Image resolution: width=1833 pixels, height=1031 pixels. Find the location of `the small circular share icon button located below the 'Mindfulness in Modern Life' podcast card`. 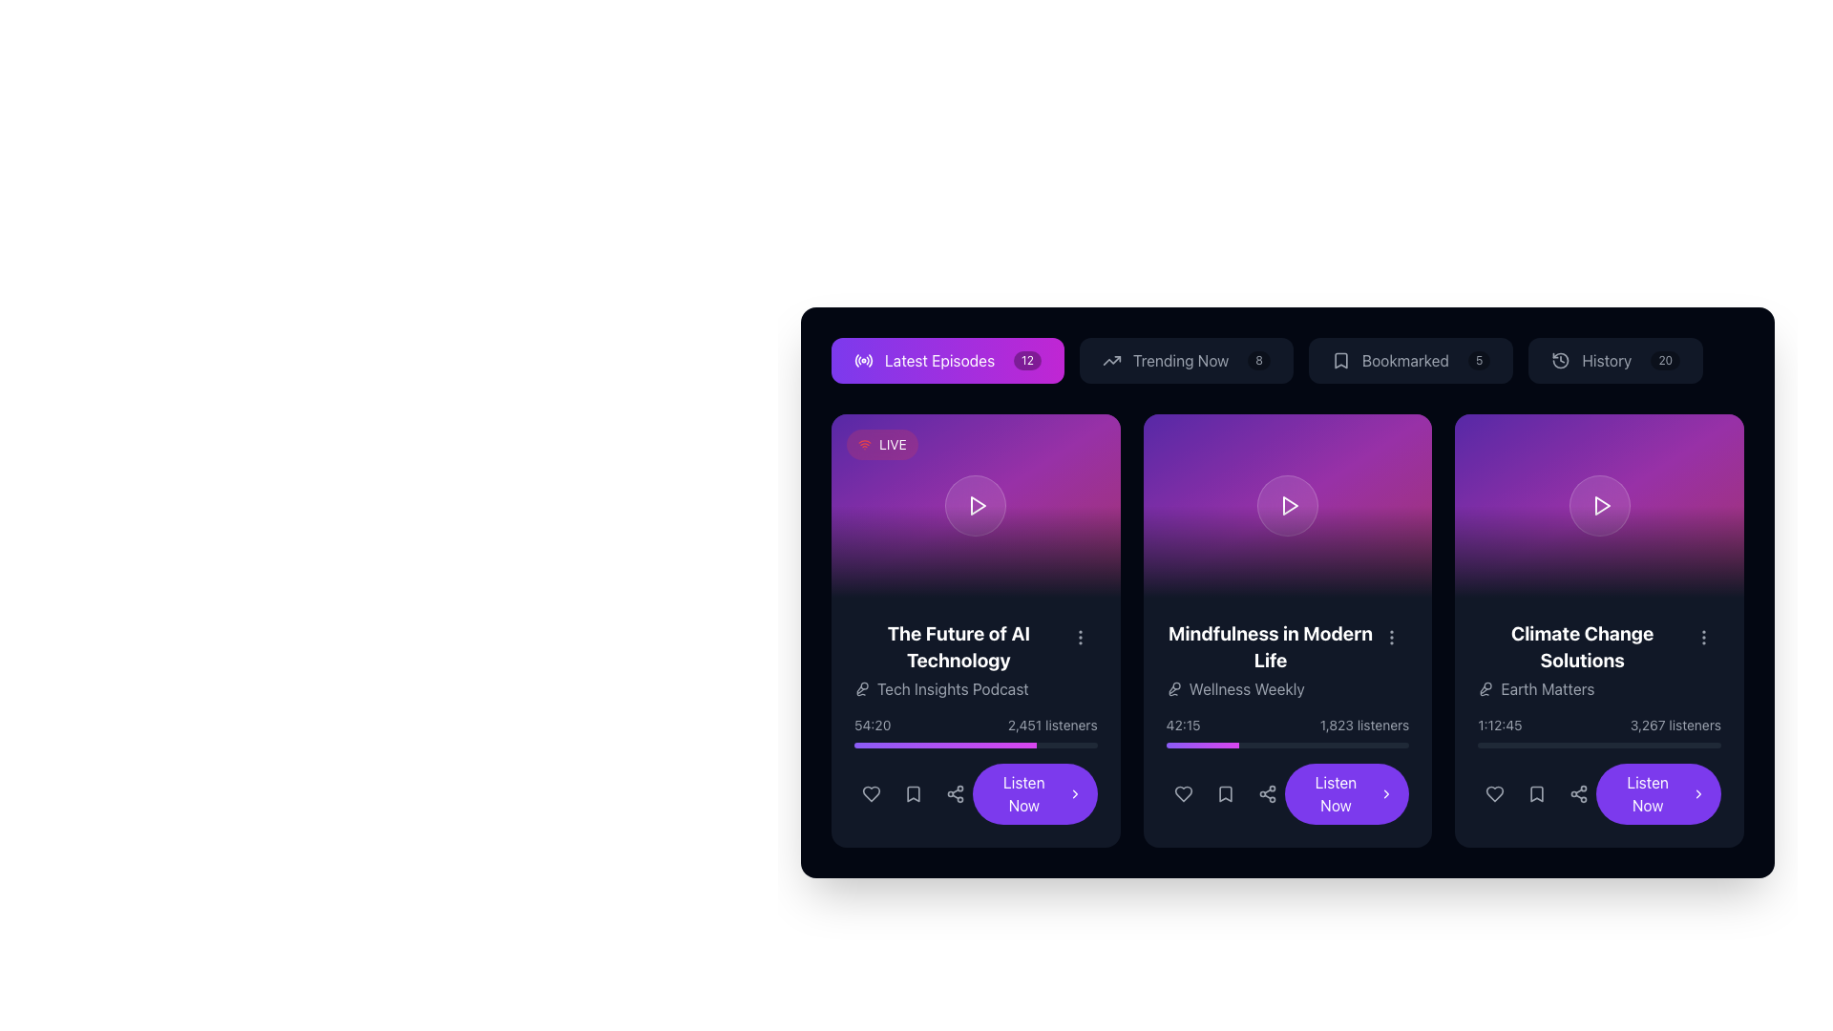

the small circular share icon button located below the 'Mindfulness in Modern Life' podcast card is located at coordinates (1267, 794).